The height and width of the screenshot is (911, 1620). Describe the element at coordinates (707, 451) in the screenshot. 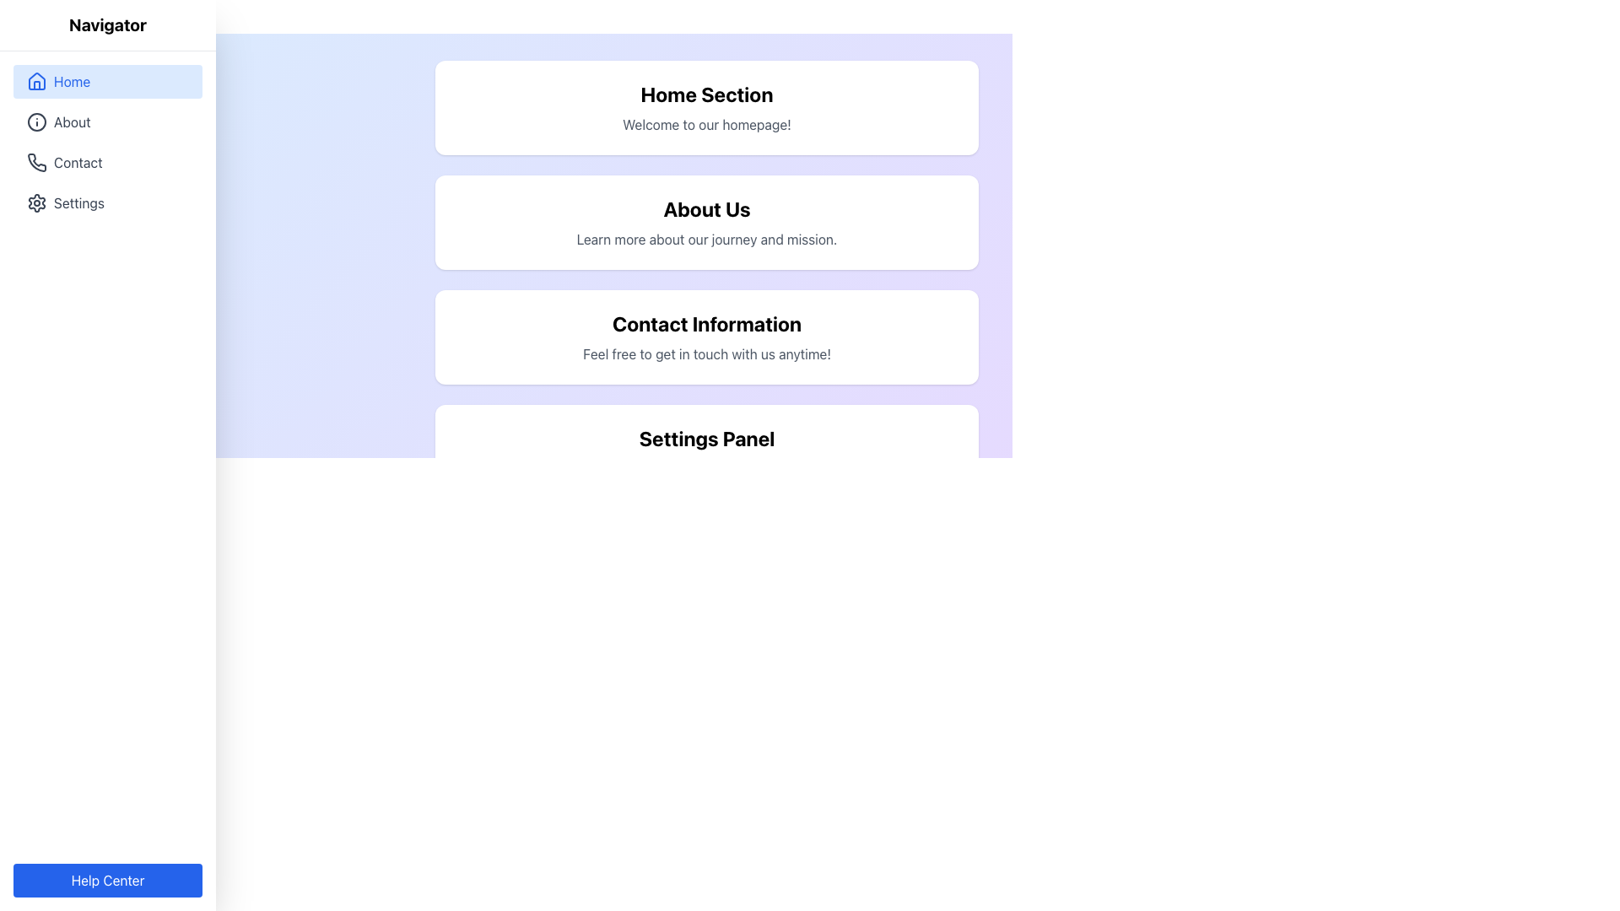

I see `the Settings Panel, which has a white background and contains the header 'Settings Panel' and the description 'Customize your preferences here.'` at that location.